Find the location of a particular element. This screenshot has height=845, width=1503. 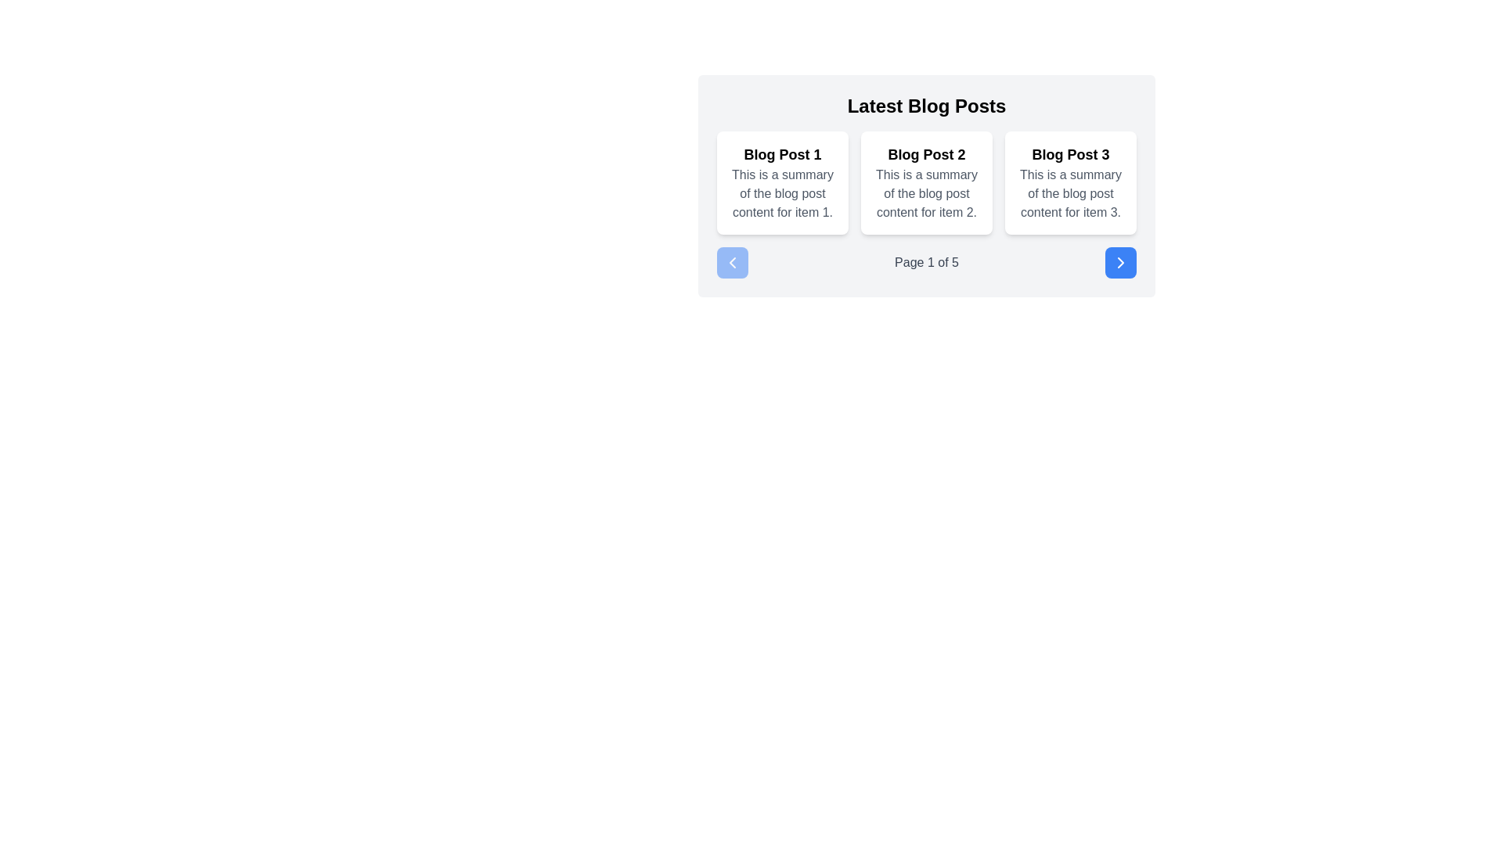

the static text label that indicates the current page in a set of 5 pages, which is centrally positioned between two navigation arrow buttons is located at coordinates (927, 261).